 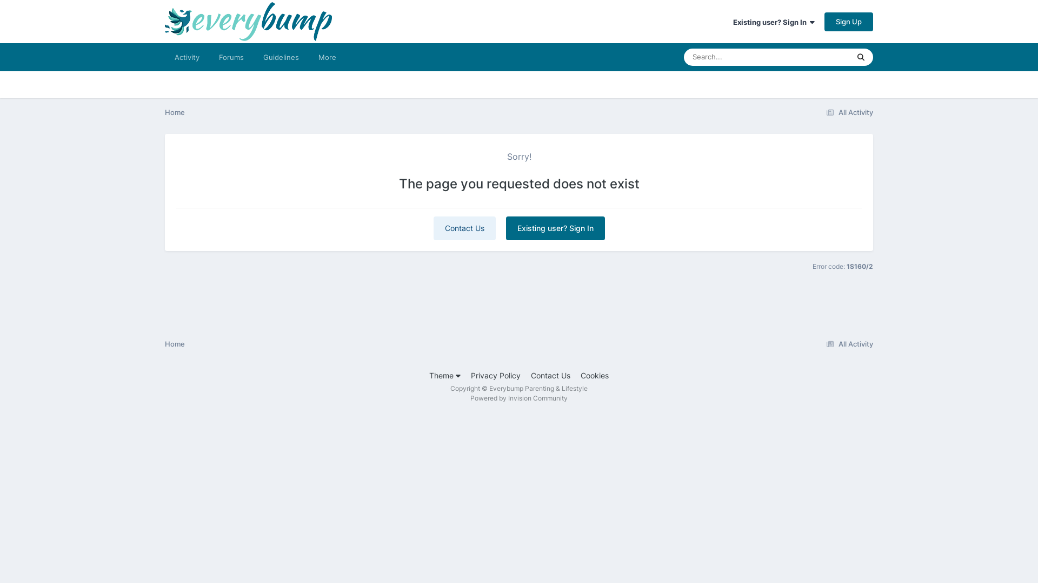 What do you see at coordinates (773, 22) in the screenshot?
I see `'Existing user? Sign In  '` at bounding box center [773, 22].